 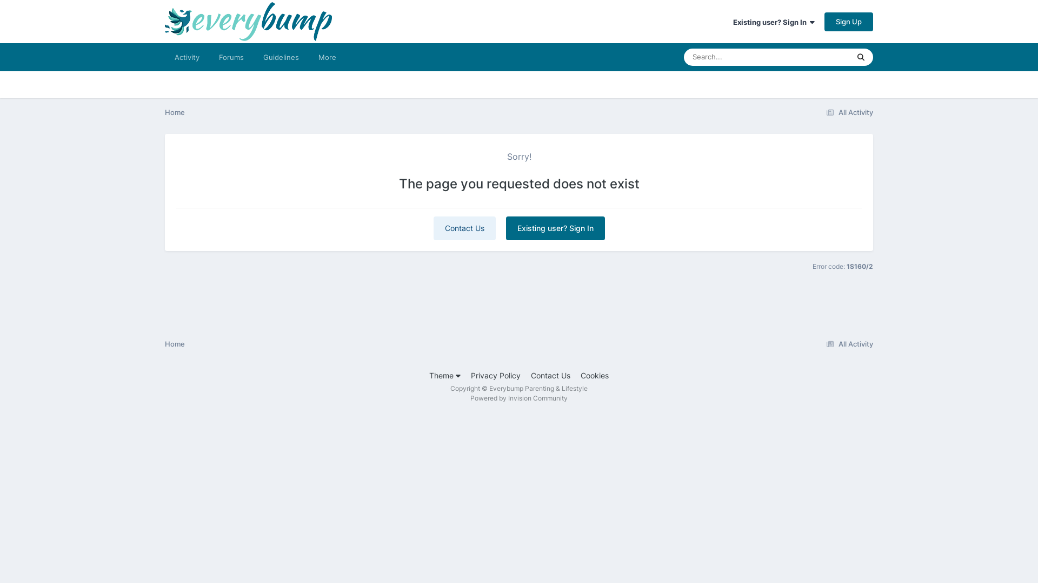 What do you see at coordinates (773, 22) in the screenshot?
I see `'Existing user? Sign In  '` at bounding box center [773, 22].